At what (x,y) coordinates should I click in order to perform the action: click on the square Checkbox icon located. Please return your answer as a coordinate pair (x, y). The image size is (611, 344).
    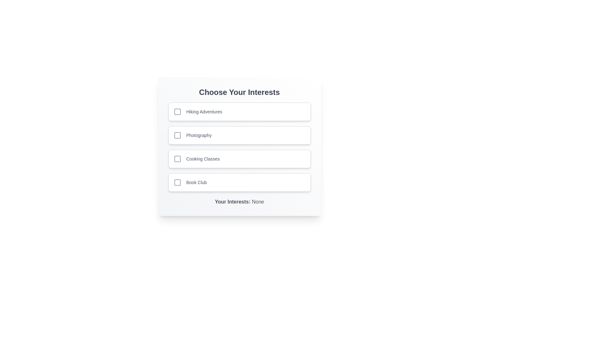
    Looking at the image, I should click on (177, 135).